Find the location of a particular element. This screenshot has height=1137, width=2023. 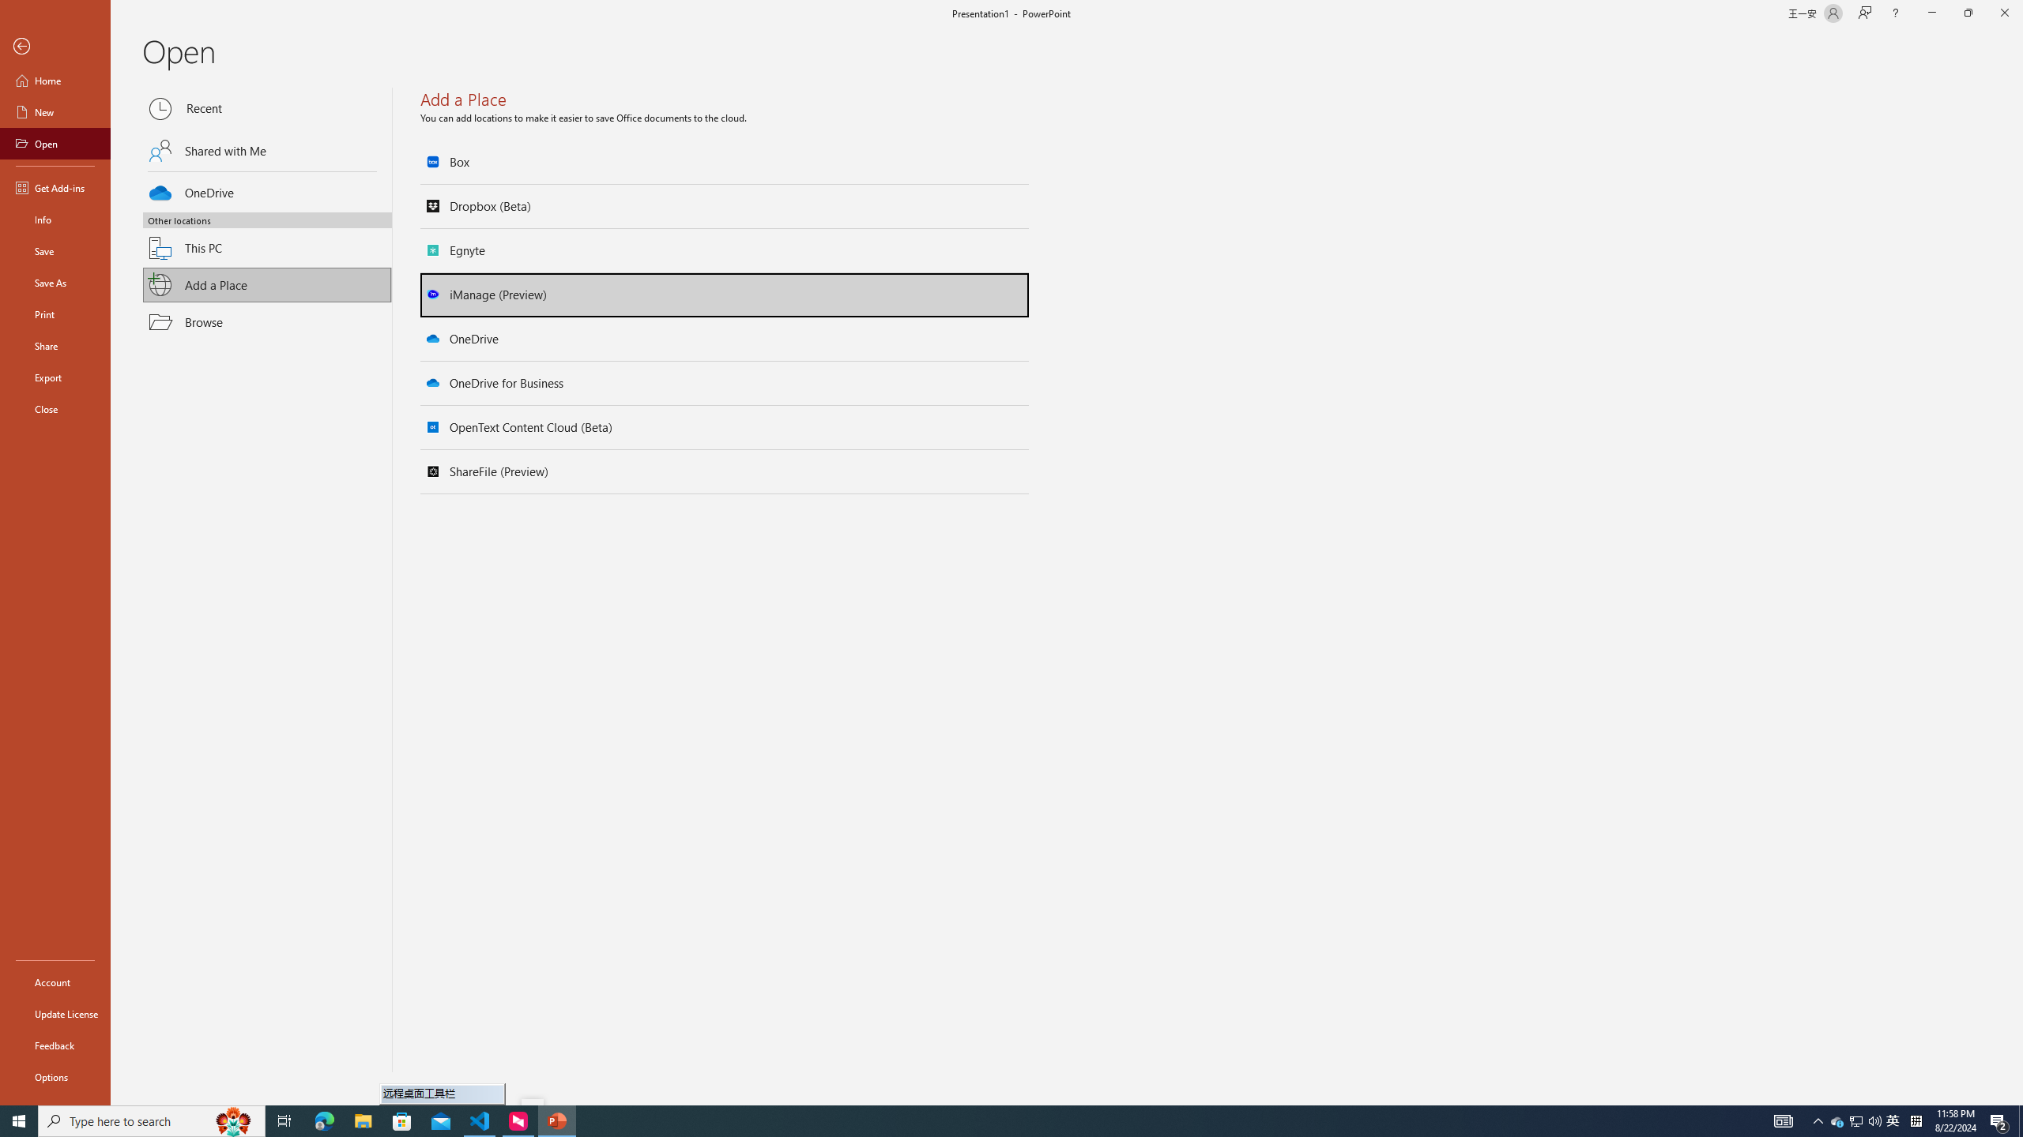

'Account' is located at coordinates (55, 982).